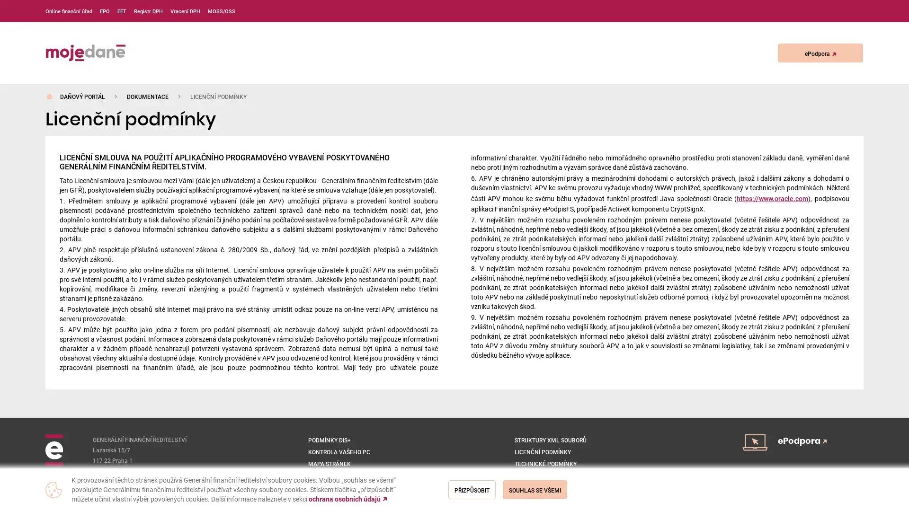 This screenshot has width=909, height=511. I want to click on Prizpusobit, so click(472, 489).